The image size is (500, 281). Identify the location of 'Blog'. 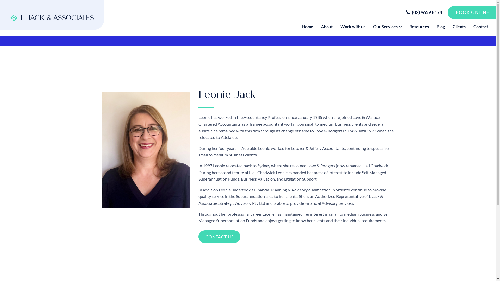
(440, 26).